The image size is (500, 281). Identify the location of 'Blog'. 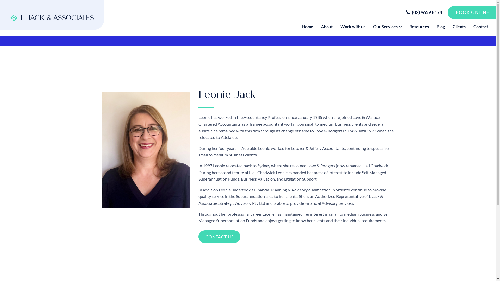
(440, 26).